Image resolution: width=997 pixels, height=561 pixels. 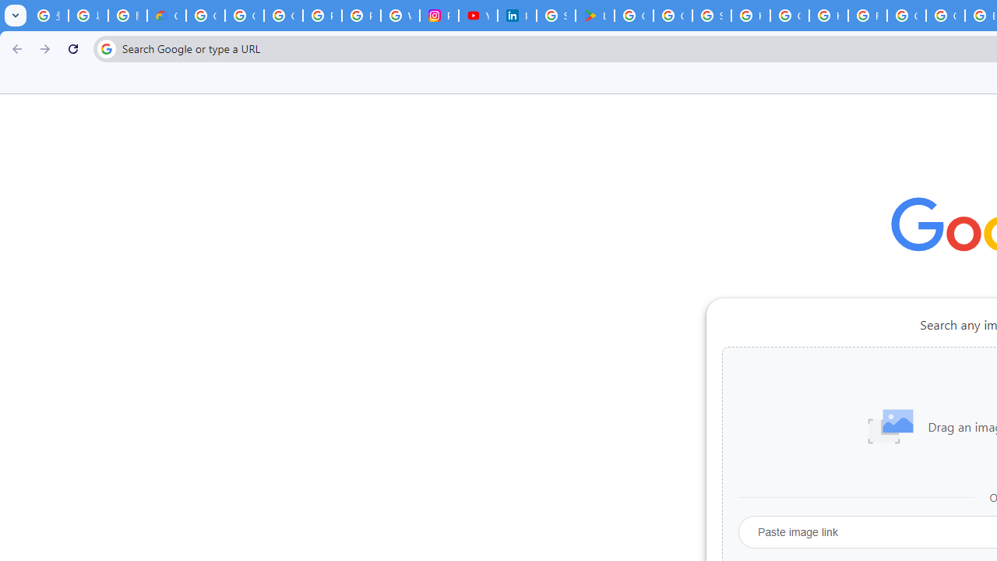 I want to click on 'Privacy Help Center - Policies Help', so click(x=322, y=16).